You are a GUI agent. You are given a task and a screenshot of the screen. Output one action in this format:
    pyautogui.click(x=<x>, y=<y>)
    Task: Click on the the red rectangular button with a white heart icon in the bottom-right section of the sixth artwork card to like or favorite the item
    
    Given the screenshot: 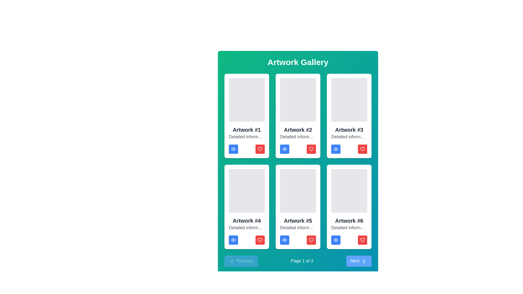 What is the action you would take?
    pyautogui.click(x=362, y=240)
    